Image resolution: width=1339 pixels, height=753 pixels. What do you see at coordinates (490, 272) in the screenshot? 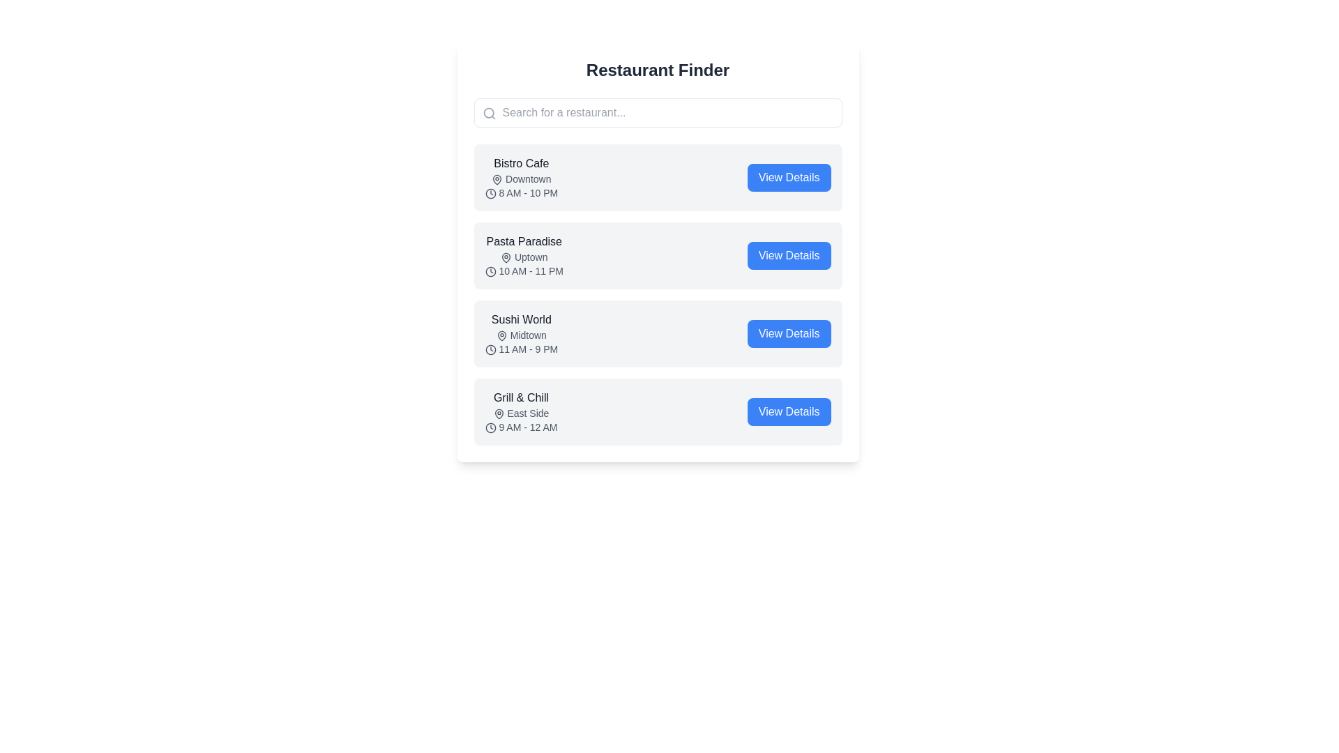
I see `the clock icon located to the left of the time display '10 AM - 11 PM' in the 'Pasta Paradise' section of the second card` at bounding box center [490, 272].